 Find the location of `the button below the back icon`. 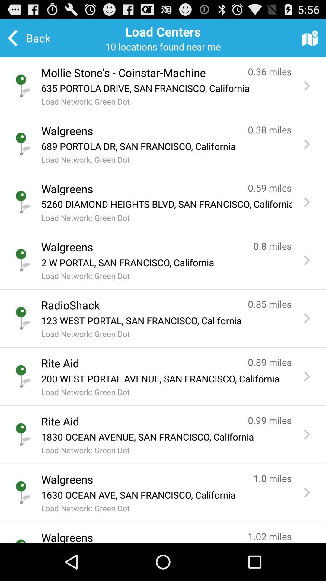

the button below the back icon is located at coordinates (139, 73).